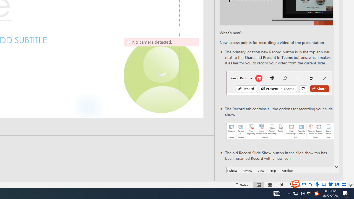 Image resolution: width=354 pixels, height=199 pixels. Describe the element at coordinates (350, 185) in the screenshot. I see `'Zoom to Fit '` at that location.